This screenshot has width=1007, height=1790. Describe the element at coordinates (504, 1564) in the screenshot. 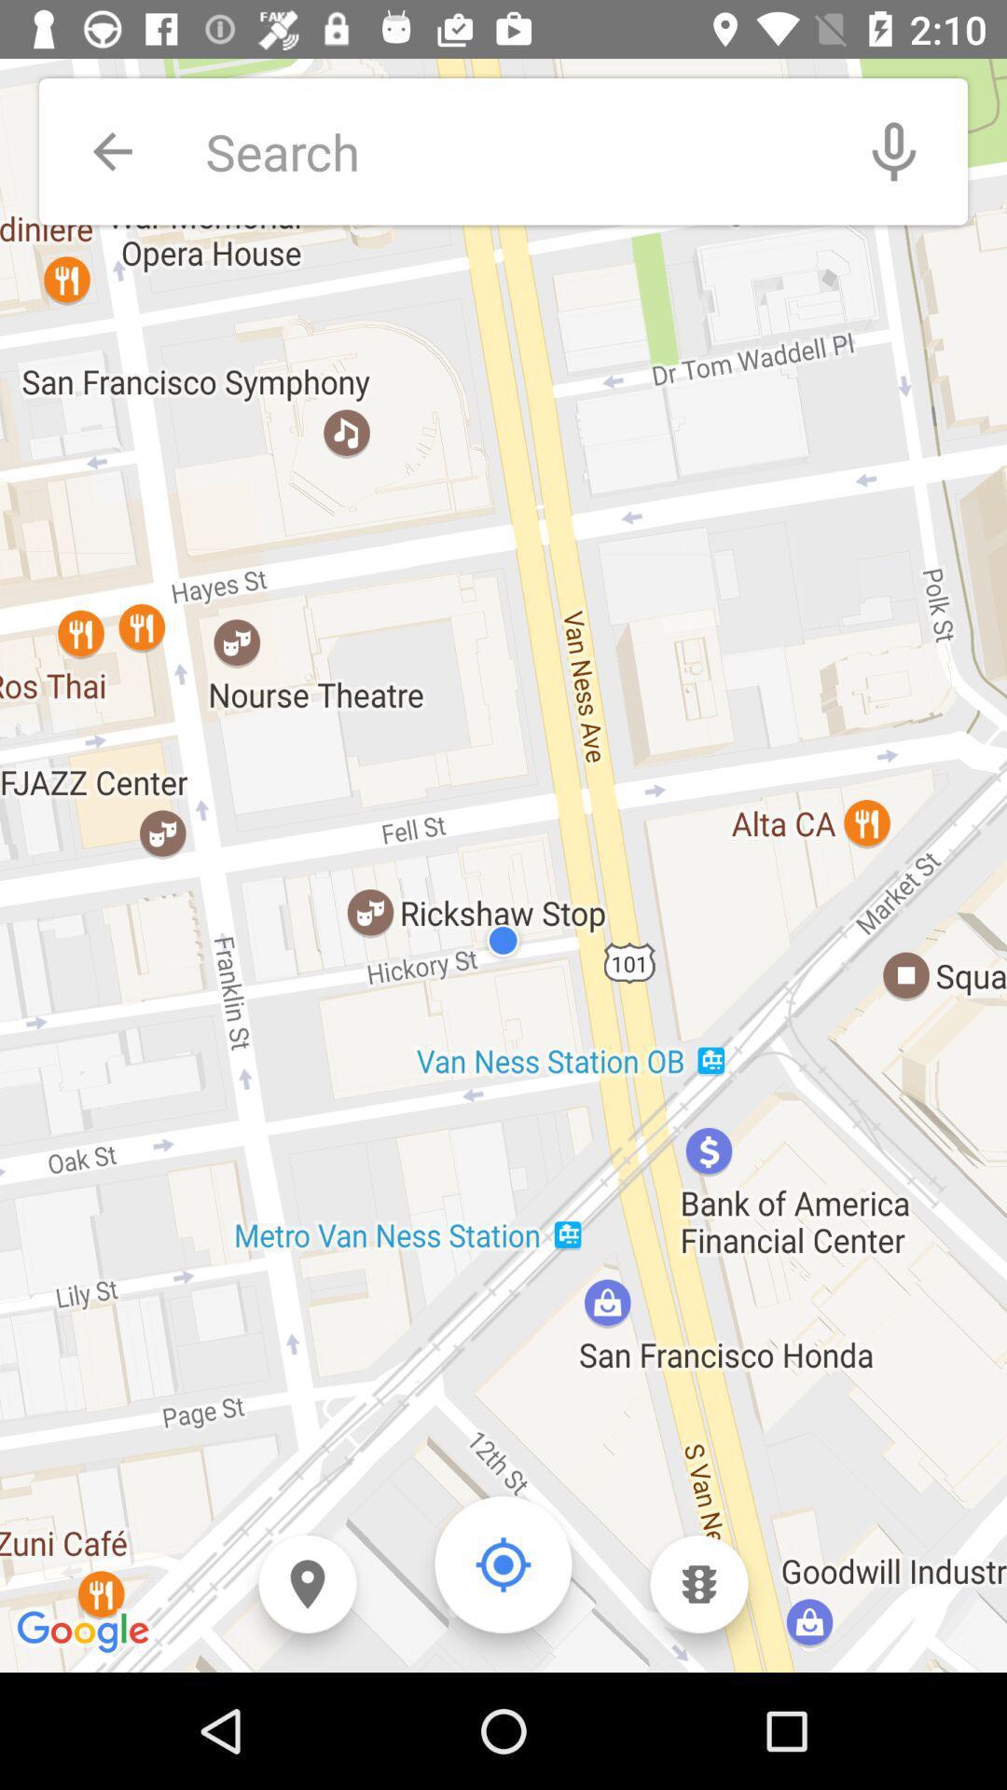

I see `go back` at that location.